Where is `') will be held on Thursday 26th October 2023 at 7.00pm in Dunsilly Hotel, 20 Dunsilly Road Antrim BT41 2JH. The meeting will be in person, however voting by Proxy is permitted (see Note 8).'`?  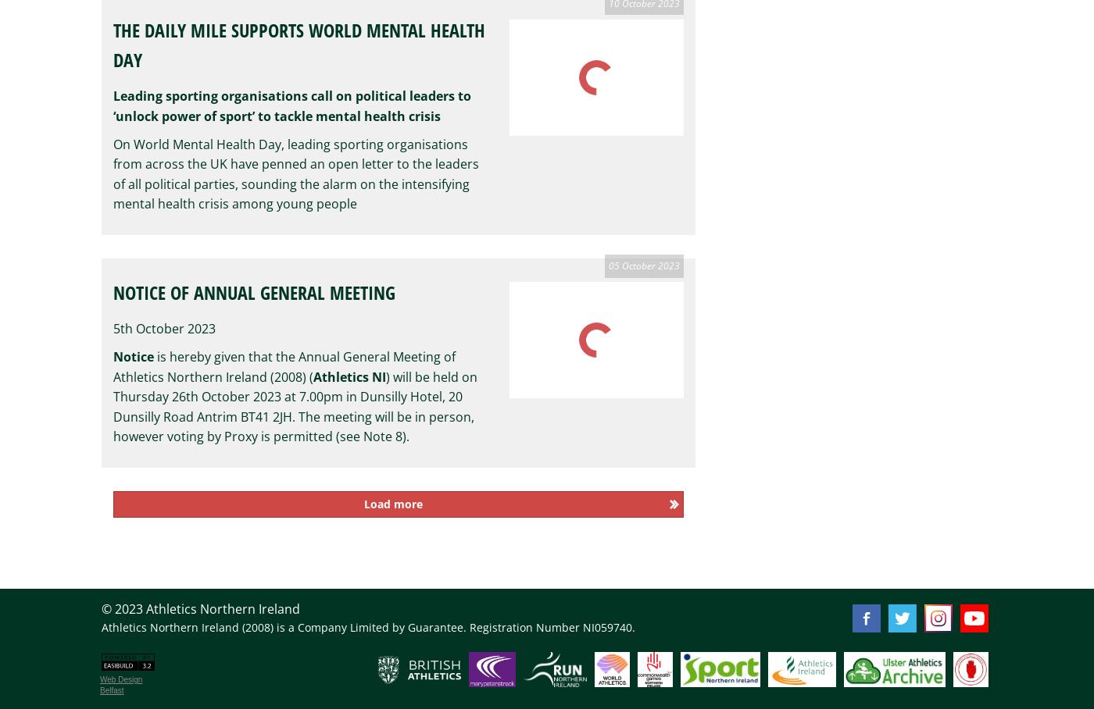
') will be held on Thursday 26th October 2023 at 7.00pm in Dunsilly Hotel, 20 Dunsilly Road Antrim BT41 2JH. The meeting will be in person, however voting by Proxy is permitted (see Note 8).' is located at coordinates (295, 406).